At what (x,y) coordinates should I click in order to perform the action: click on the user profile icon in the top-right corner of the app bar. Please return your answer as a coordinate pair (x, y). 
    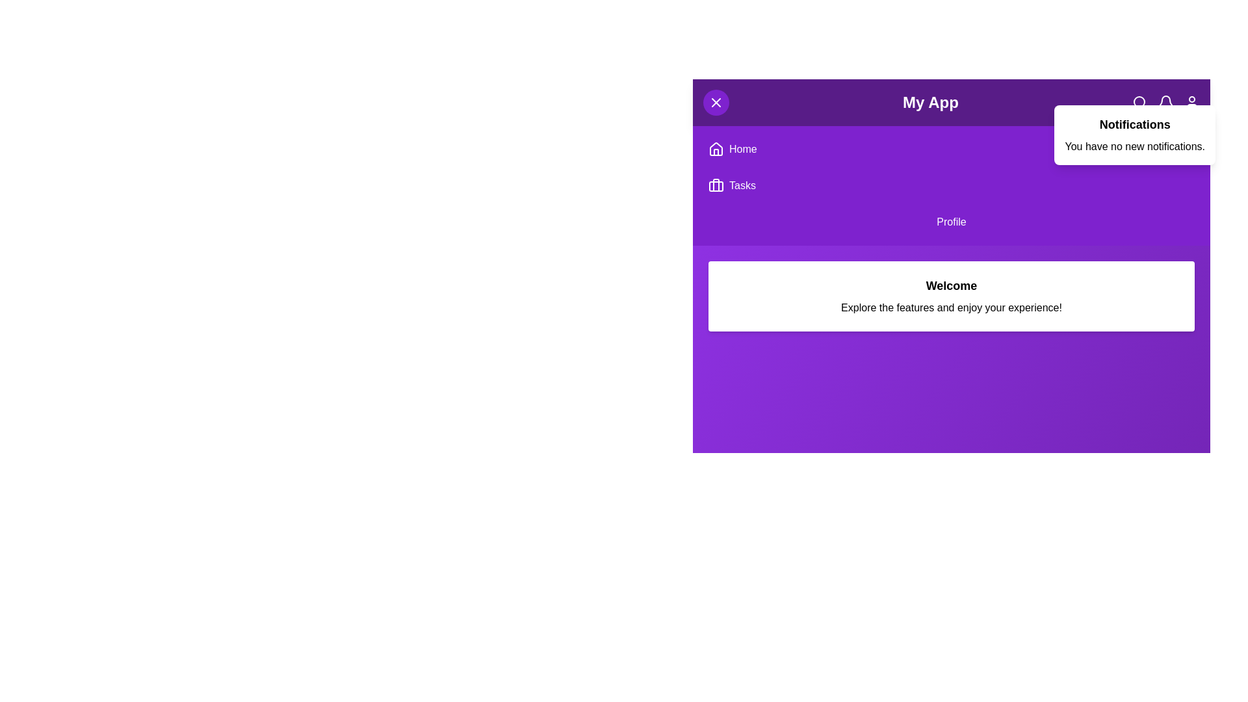
    Looking at the image, I should click on (1191, 102).